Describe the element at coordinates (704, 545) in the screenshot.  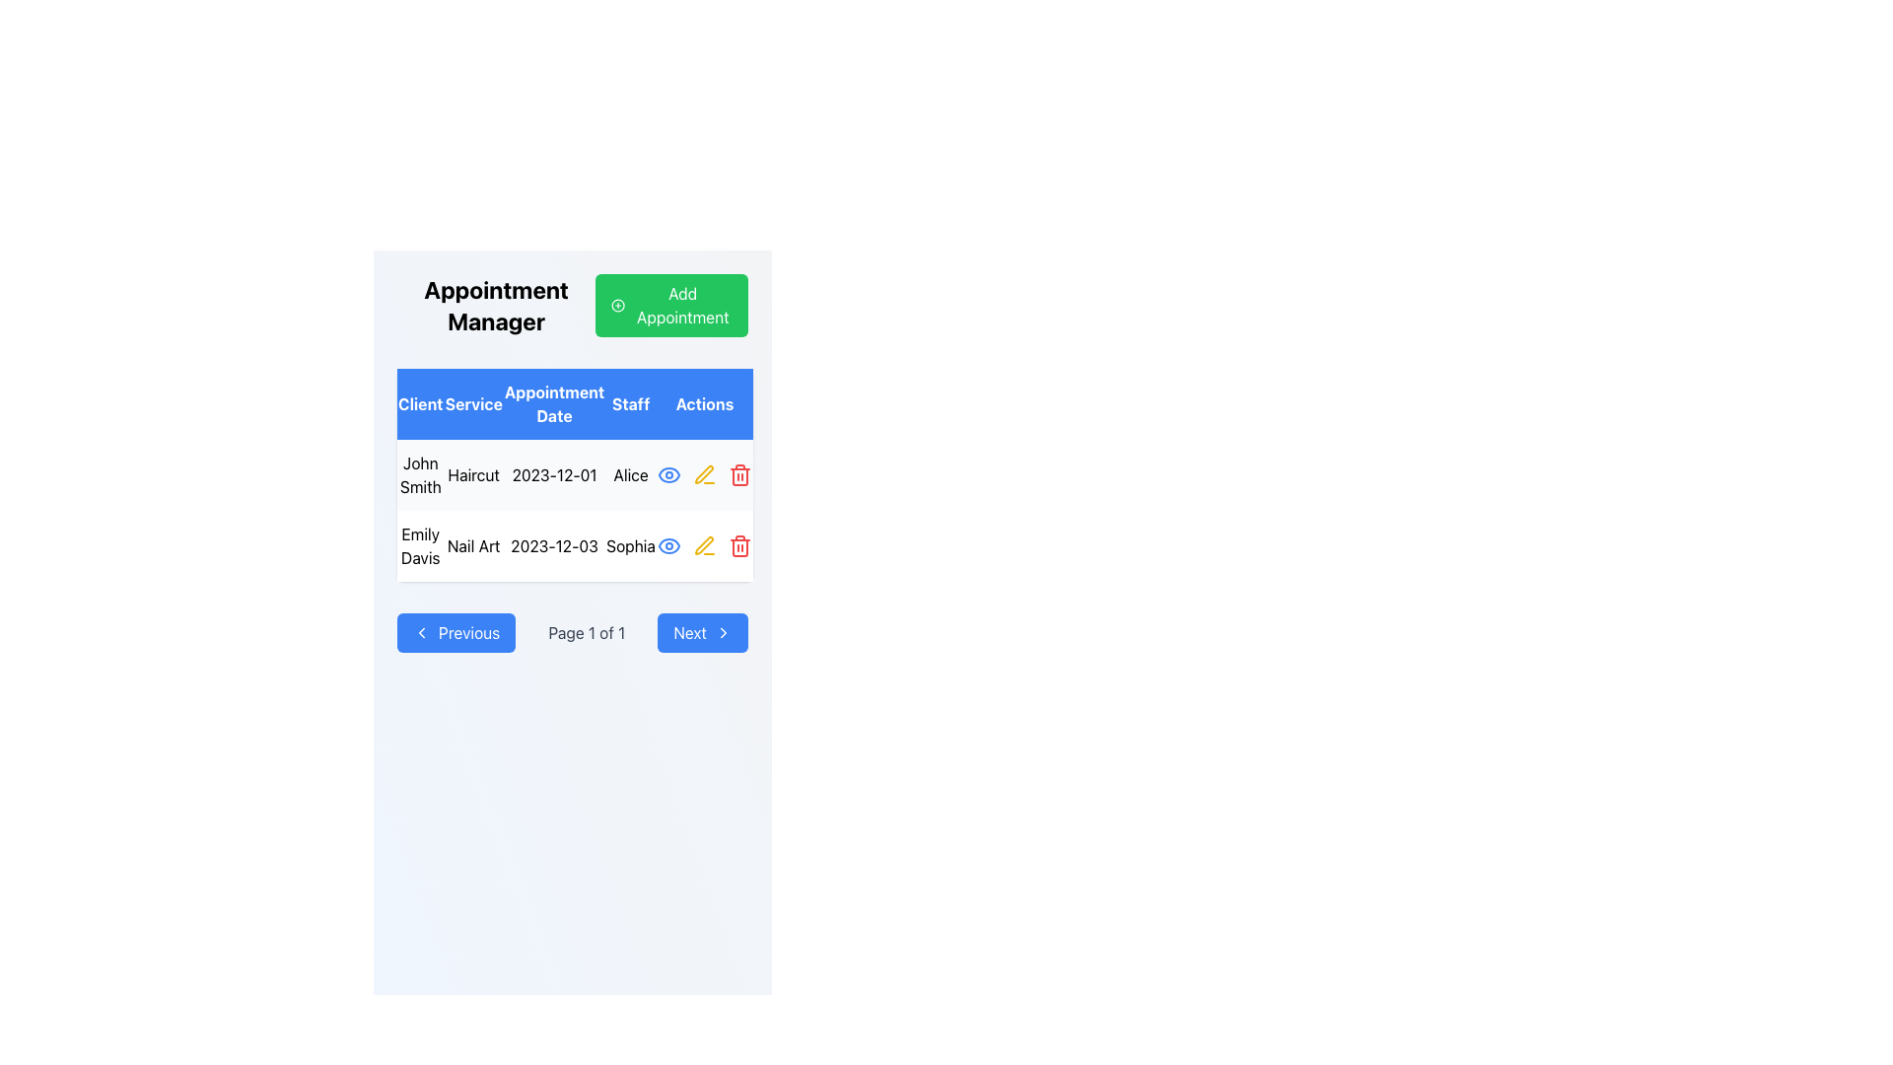
I see `the SVG-based edit button located in the 'Actions' column of the second row in the data table` at that location.